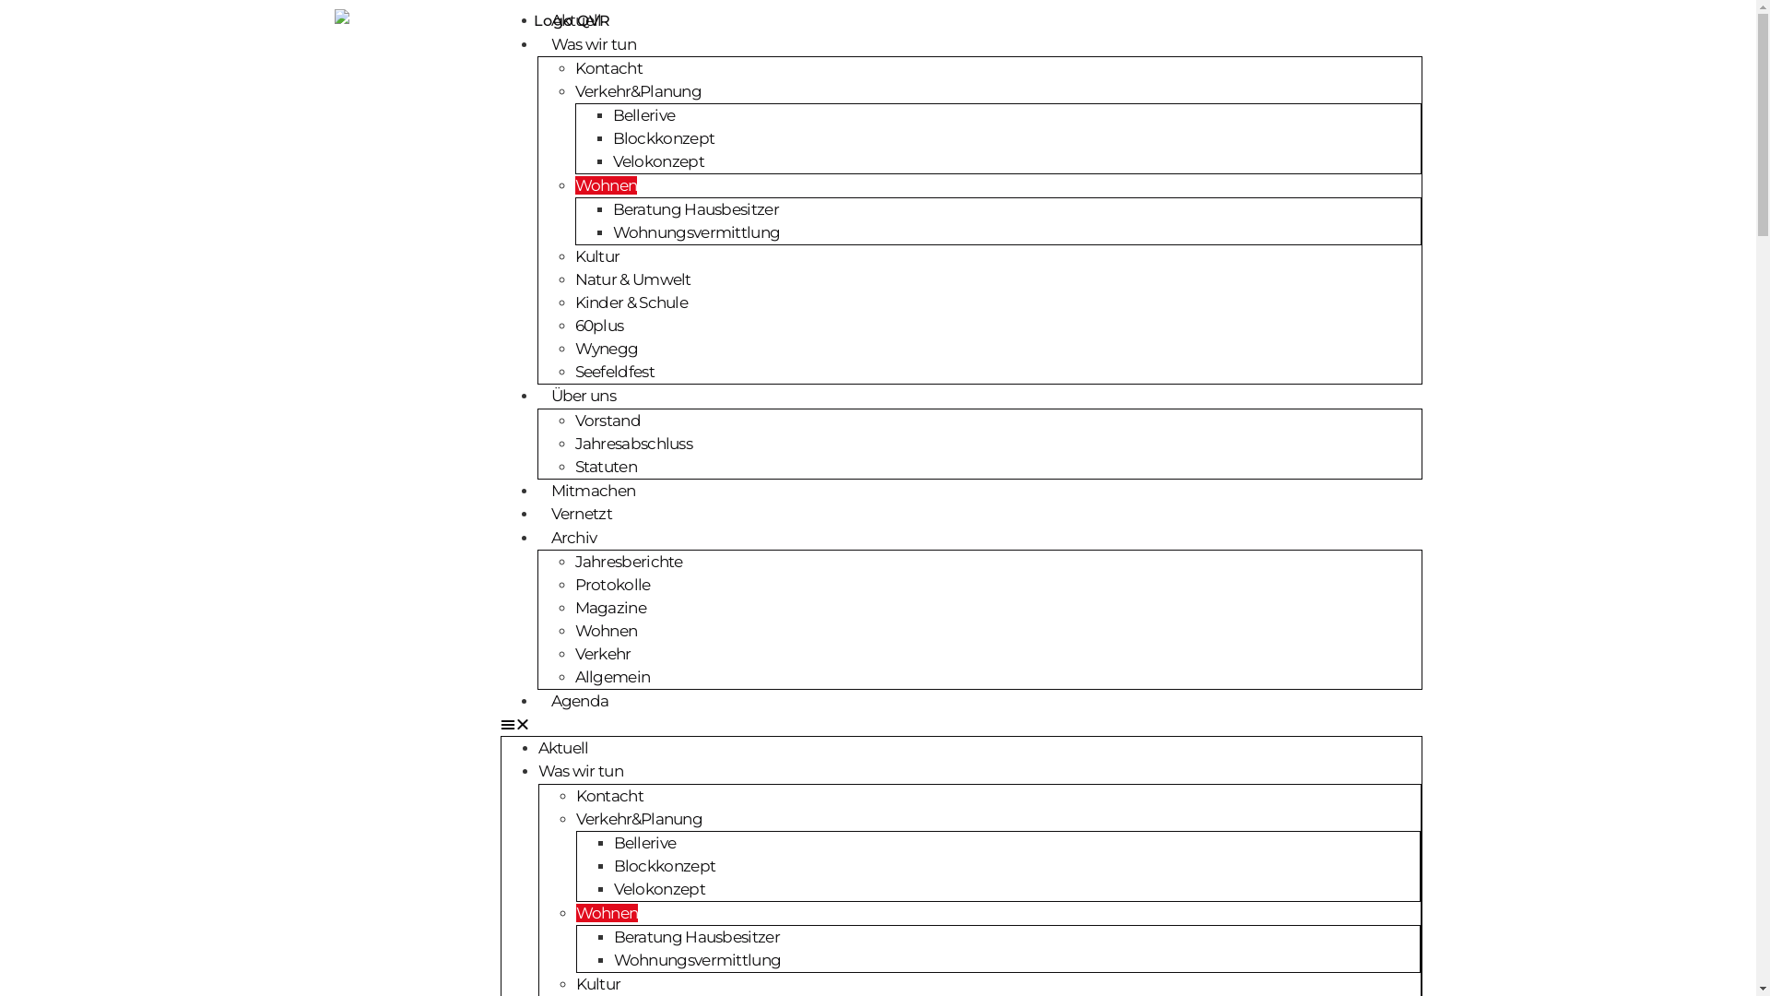 This screenshot has height=996, width=1770. I want to click on 'Vorstand', so click(608, 420).